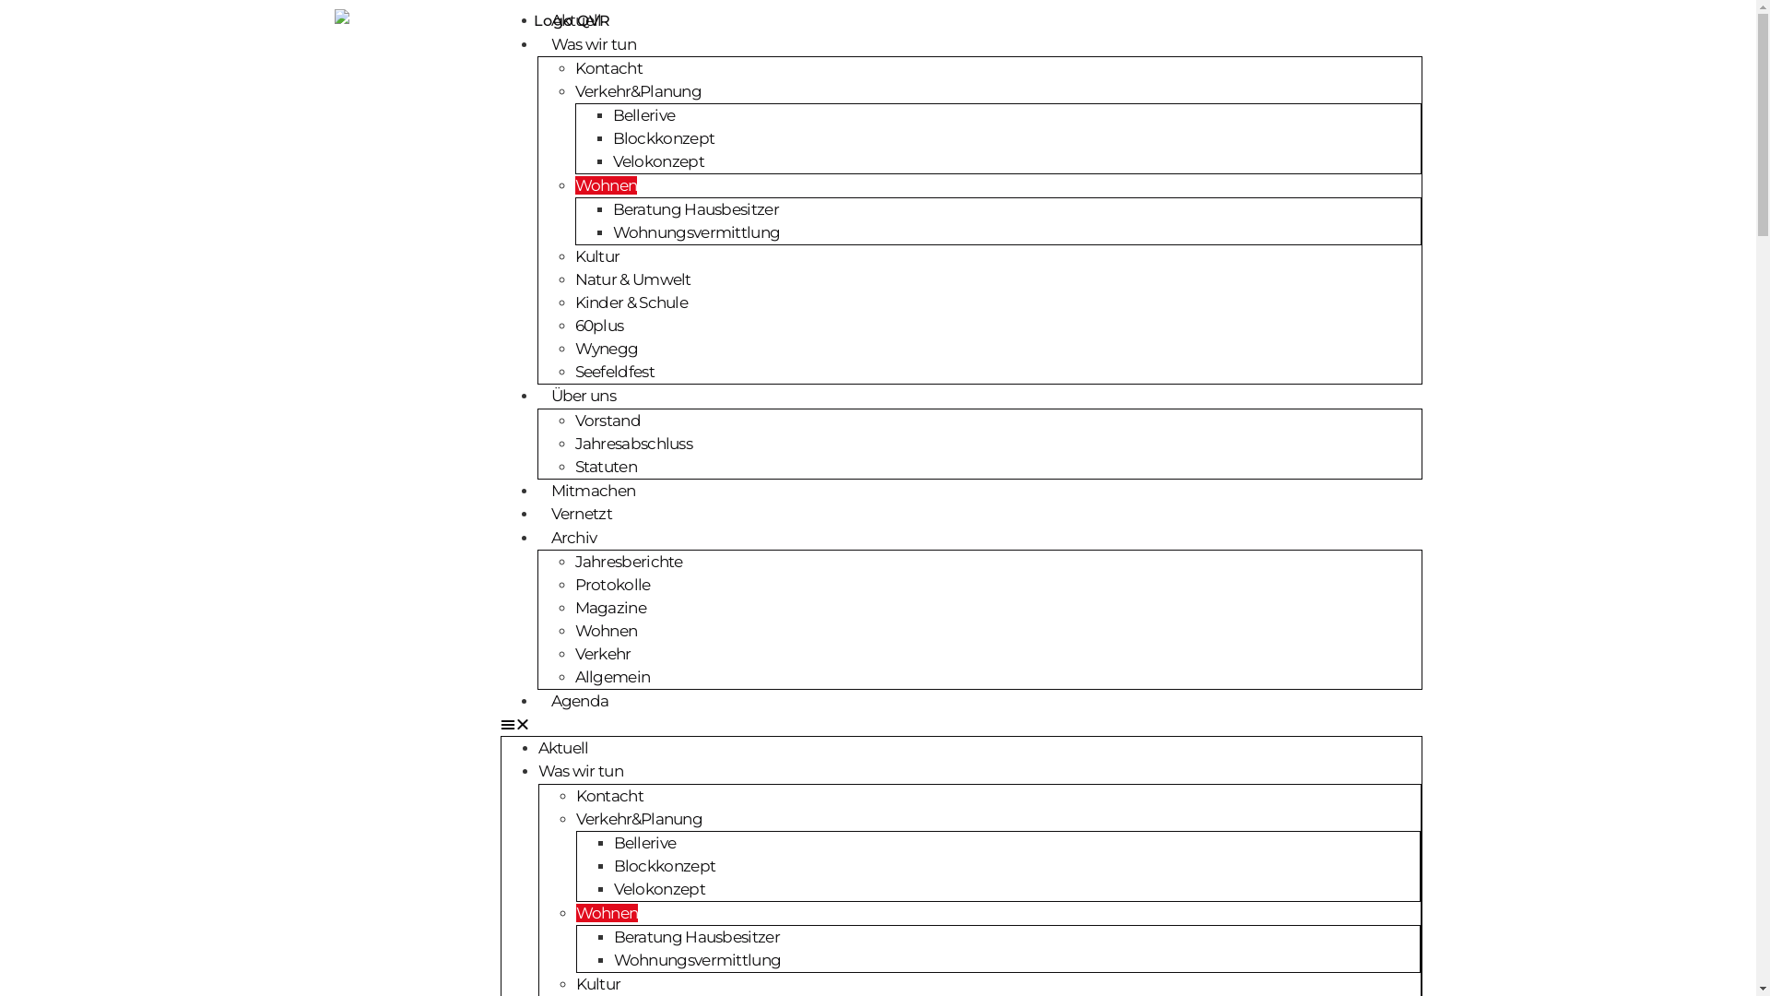 This screenshot has height=996, width=1770. I want to click on 'Vorstand', so click(608, 420).